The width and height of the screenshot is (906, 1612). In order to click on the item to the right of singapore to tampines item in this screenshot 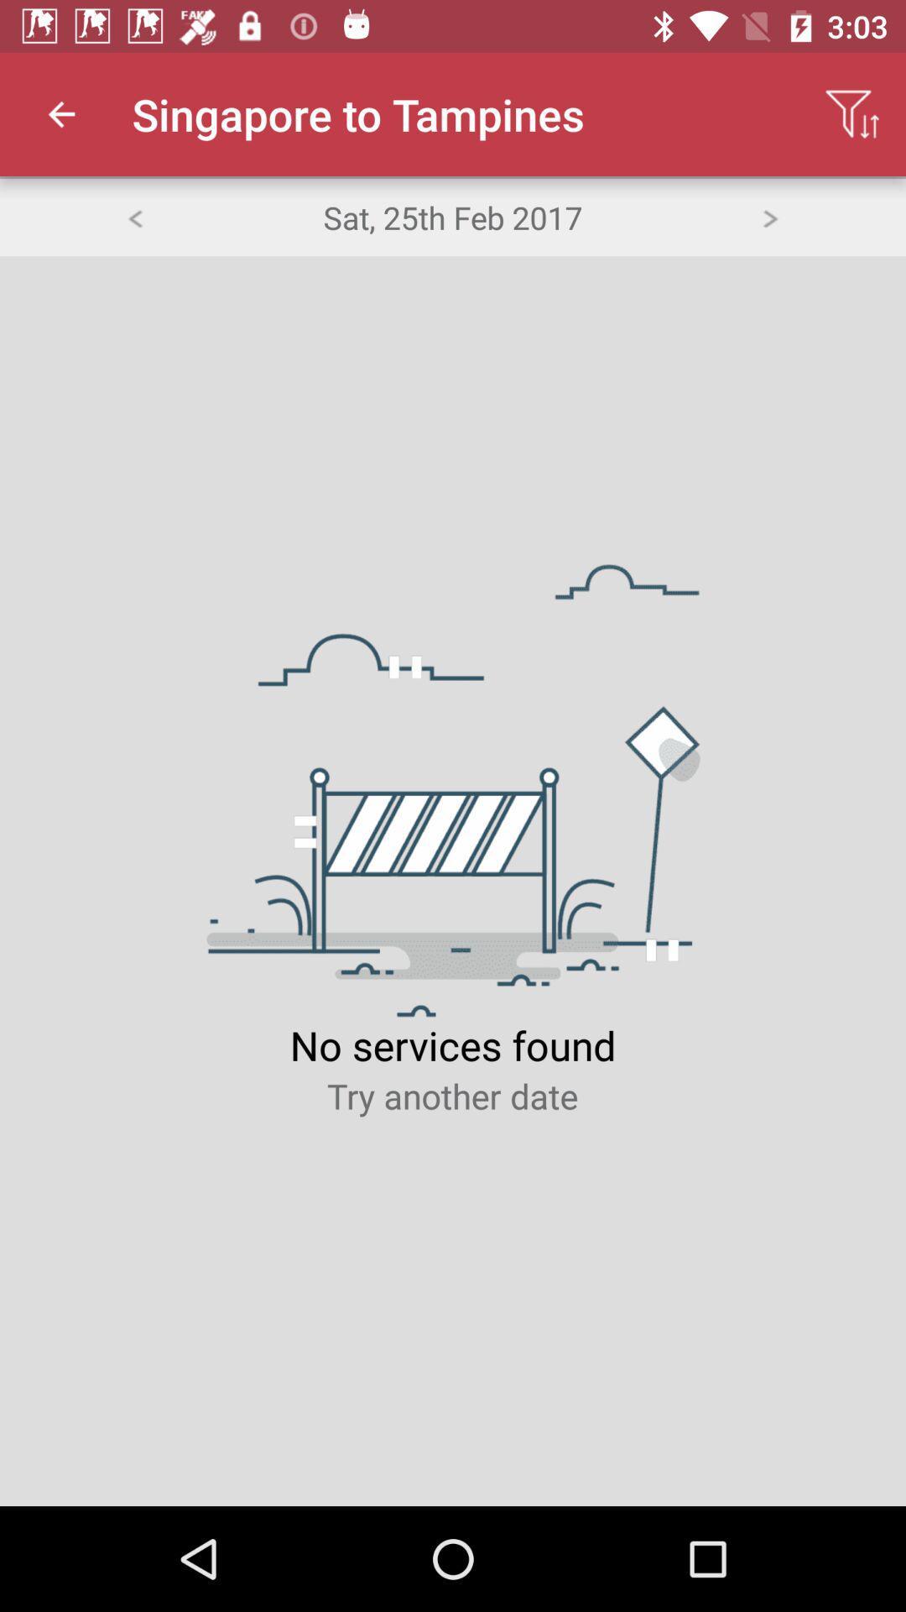, I will do `click(852, 113)`.